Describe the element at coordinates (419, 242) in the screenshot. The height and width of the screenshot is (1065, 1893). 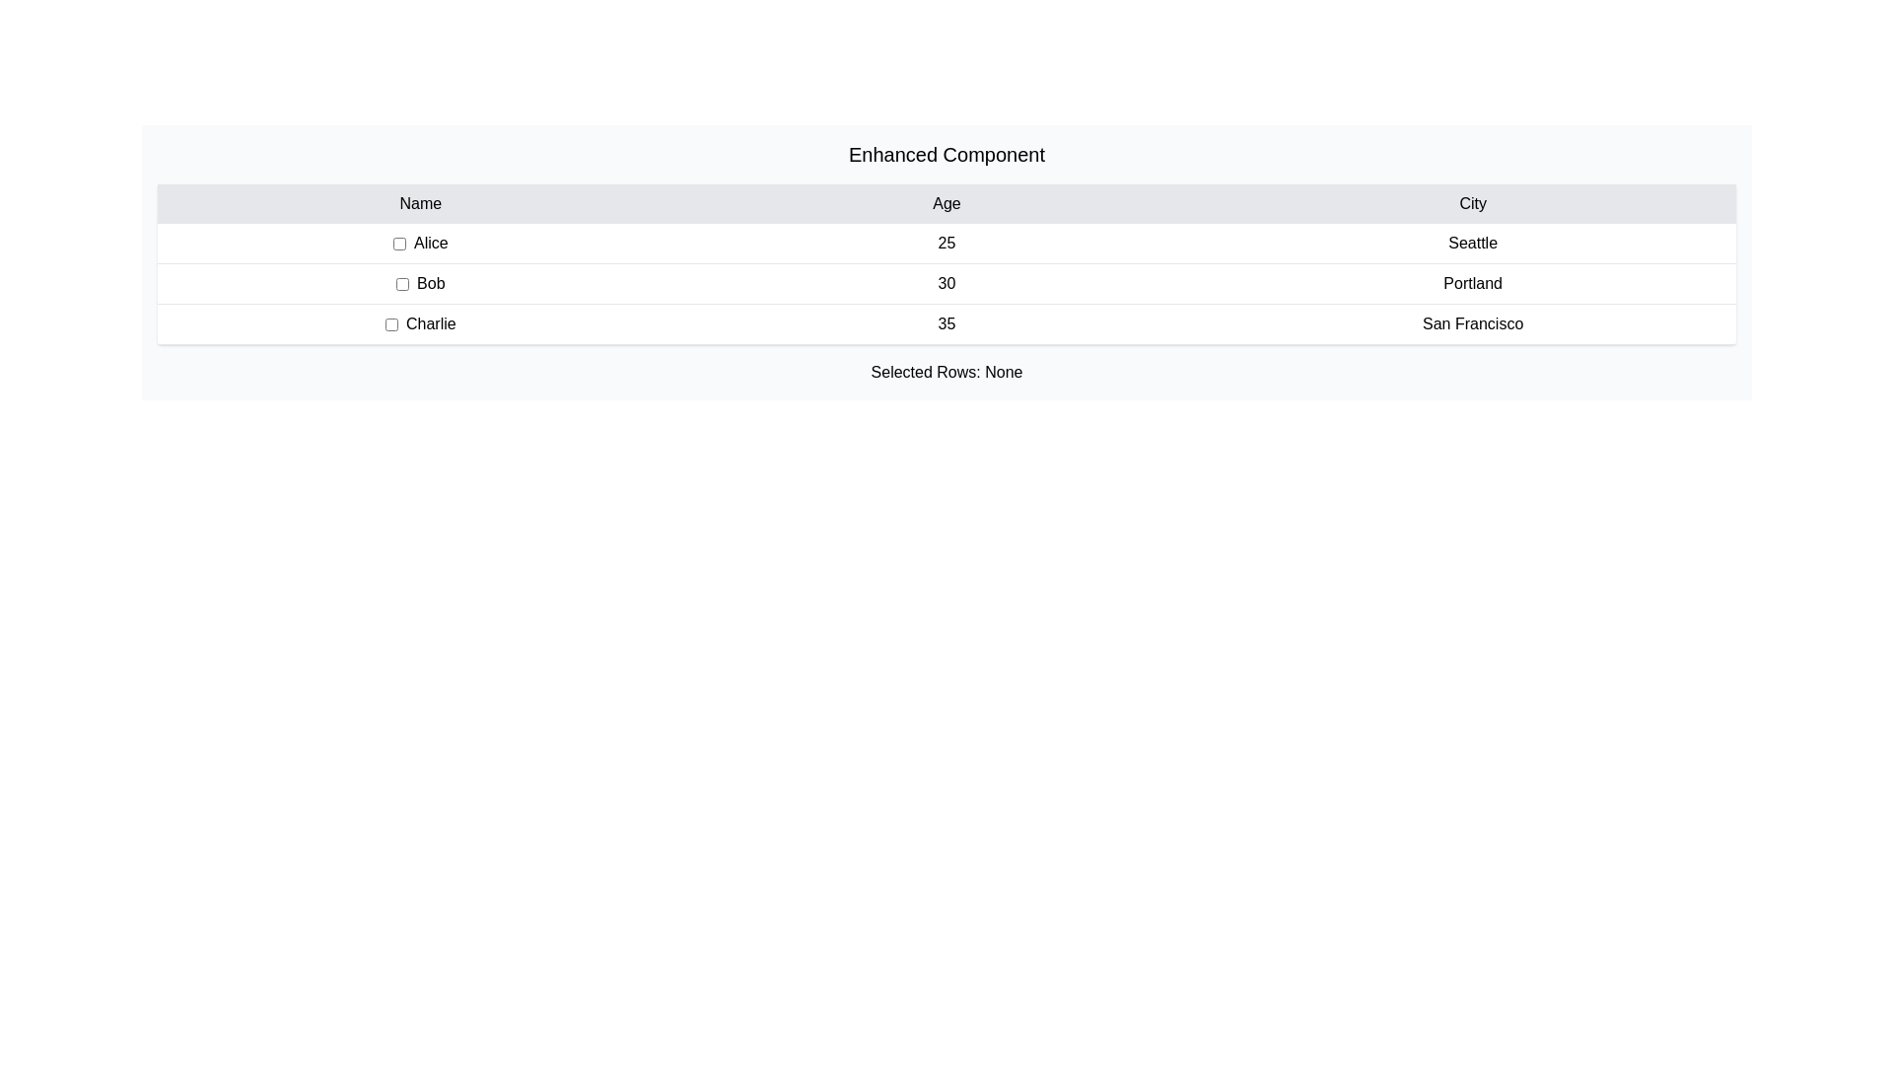
I see `the text label displaying the name 'Alice' located in the first column of a grid layout, aligned with a checkbox on its left` at that location.